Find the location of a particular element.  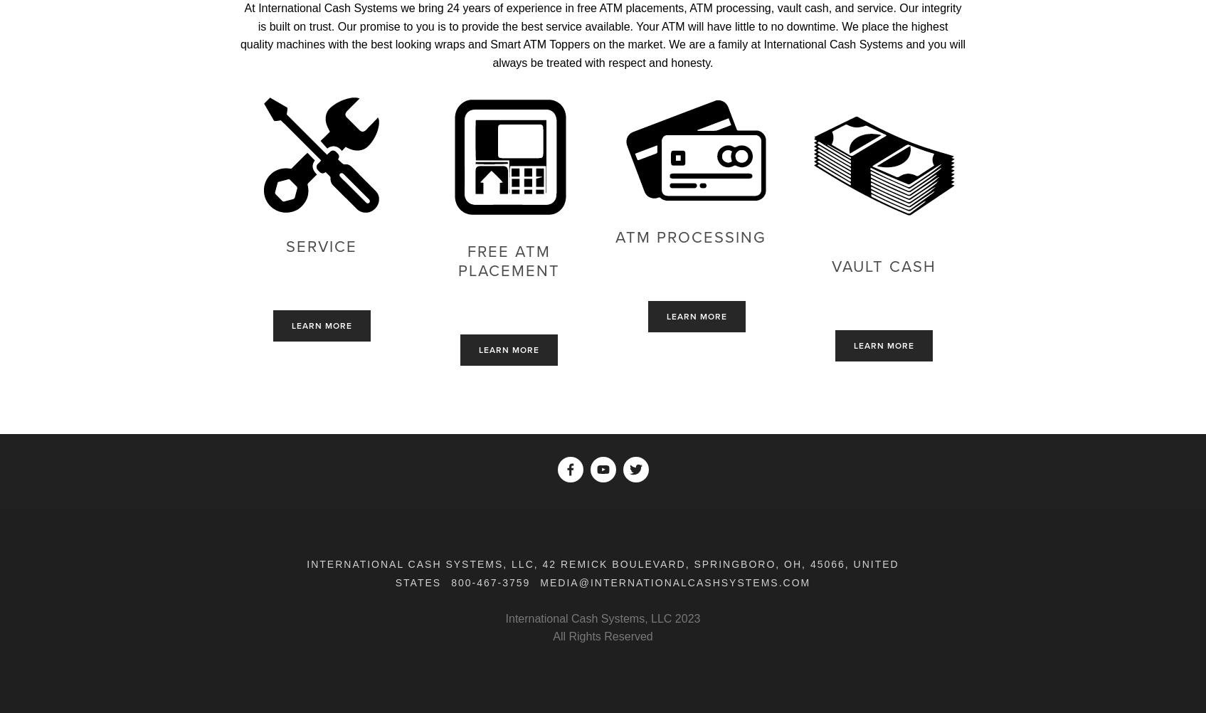

'International Cash Systems, LLC 2023' is located at coordinates (602, 618).